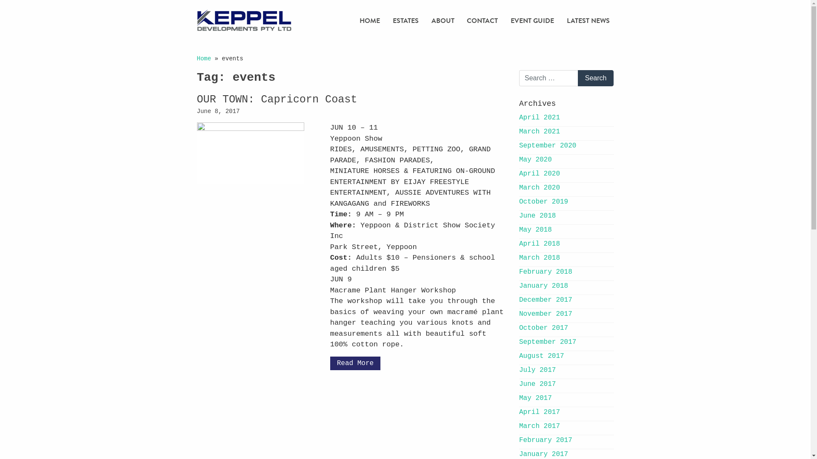 Image resolution: width=817 pixels, height=459 pixels. Describe the element at coordinates (539, 257) in the screenshot. I see `'March 2018'` at that location.